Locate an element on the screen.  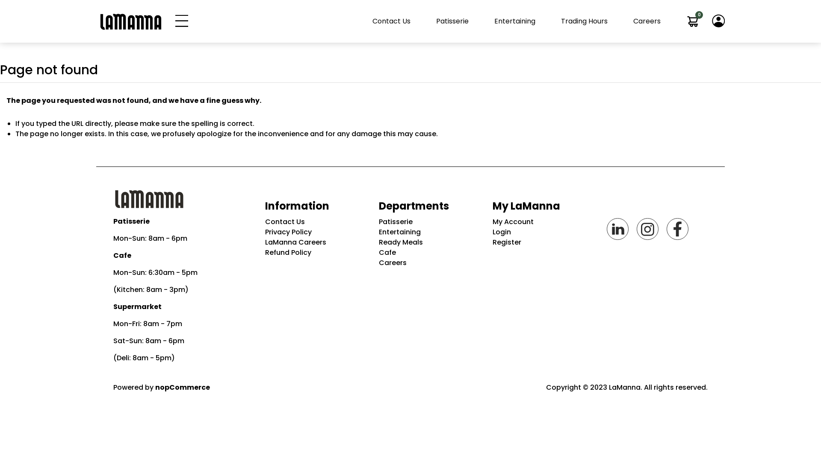
'Patisserie' is located at coordinates (452, 21).